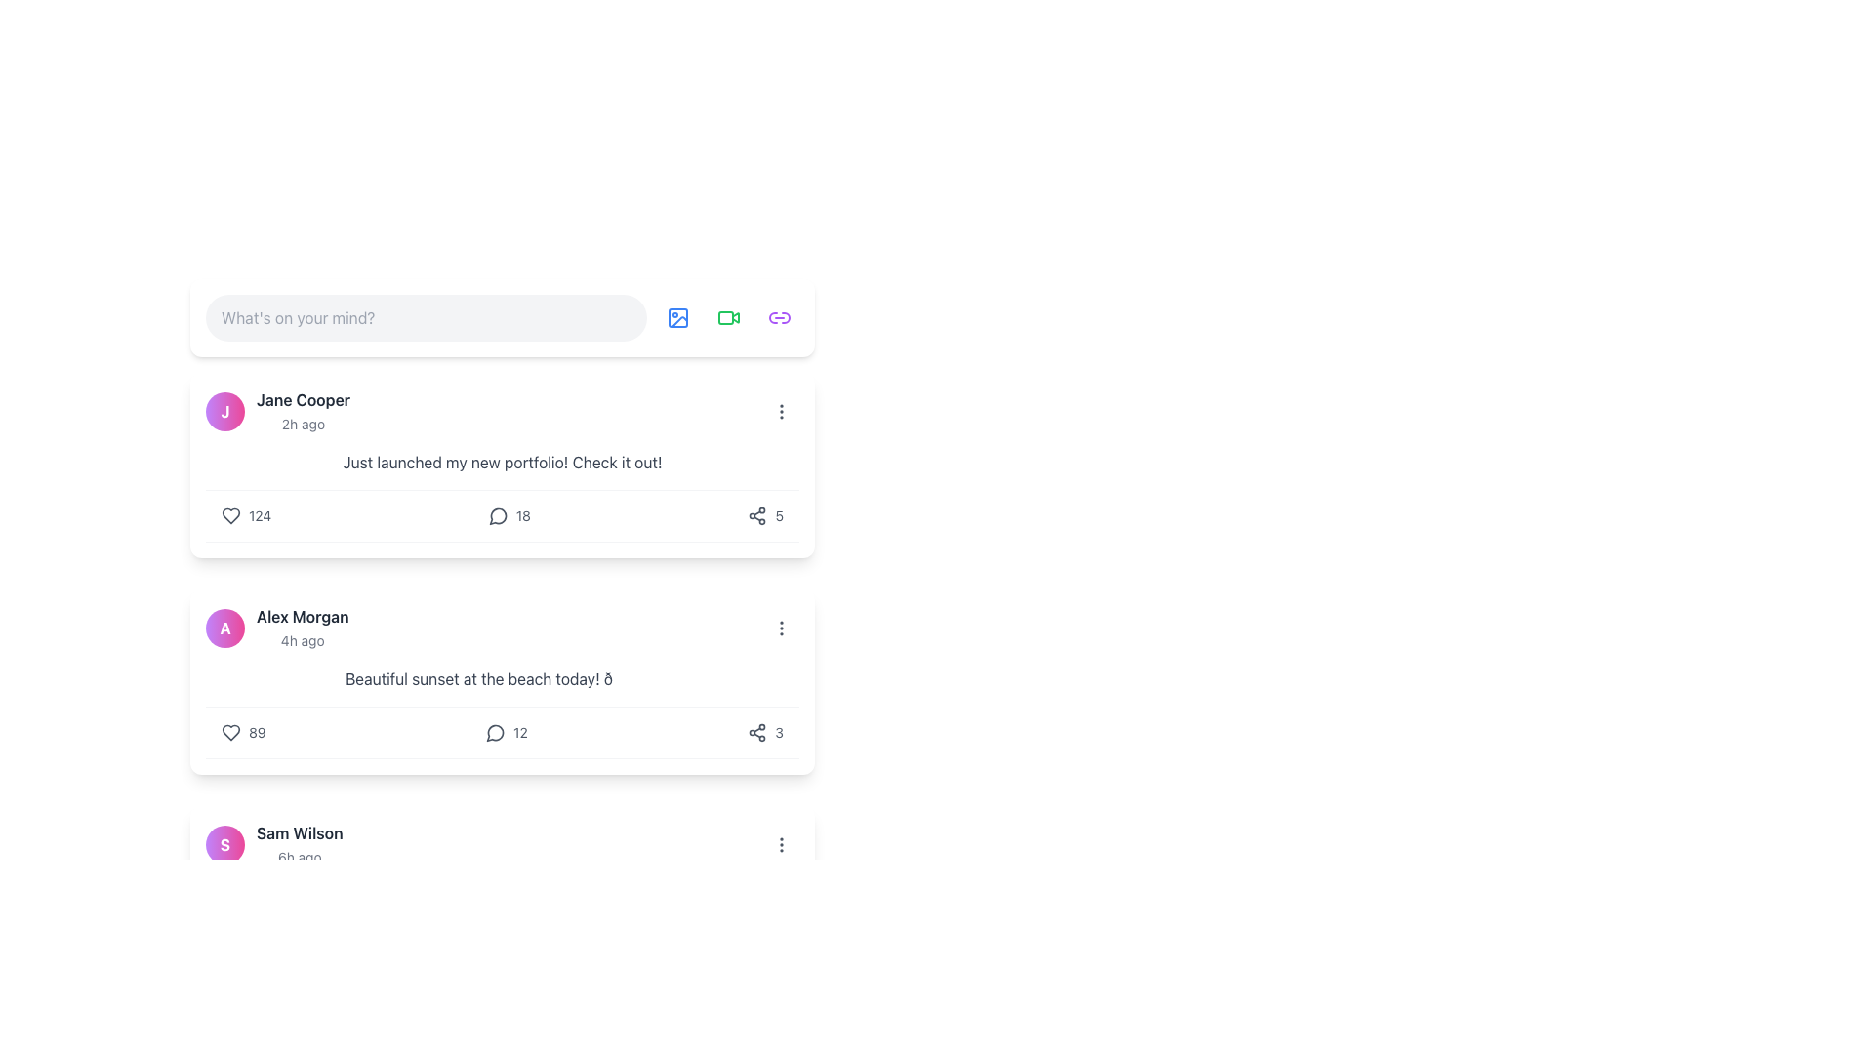  What do you see at coordinates (523, 514) in the screenshot?
I see `the small gray text numeral '18' styled in sans-serif font, which is the rightmost element in a group containing a speech bubble icon` at bounding box center [523, 514].